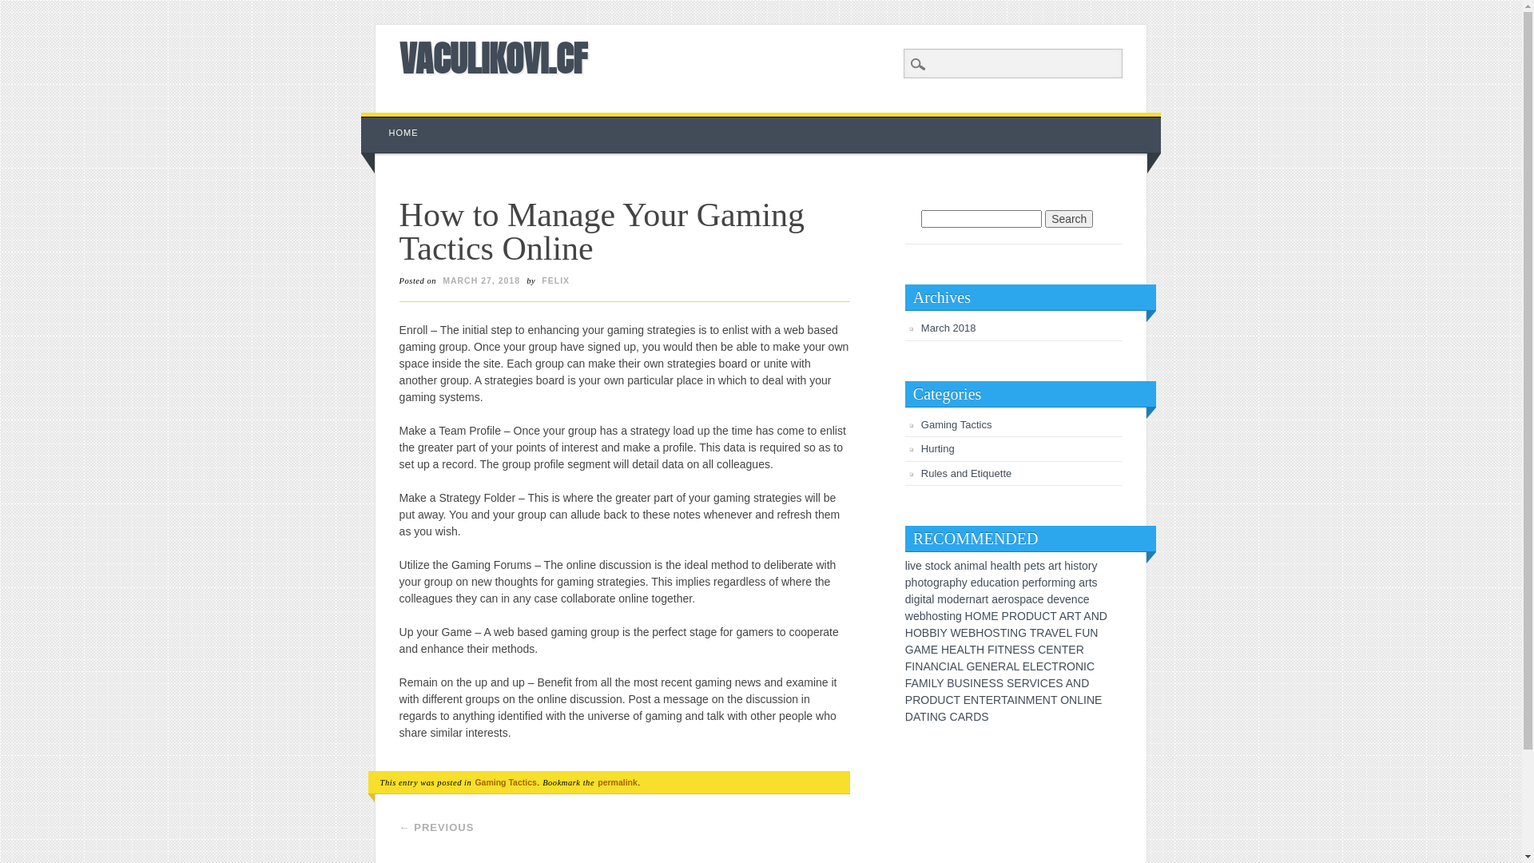 The height and width of the screenshot is (863, 1534). What do you see at coordinates (942, 565) in the screenshot?
I see `'c'` at bounding box center [942, 565].